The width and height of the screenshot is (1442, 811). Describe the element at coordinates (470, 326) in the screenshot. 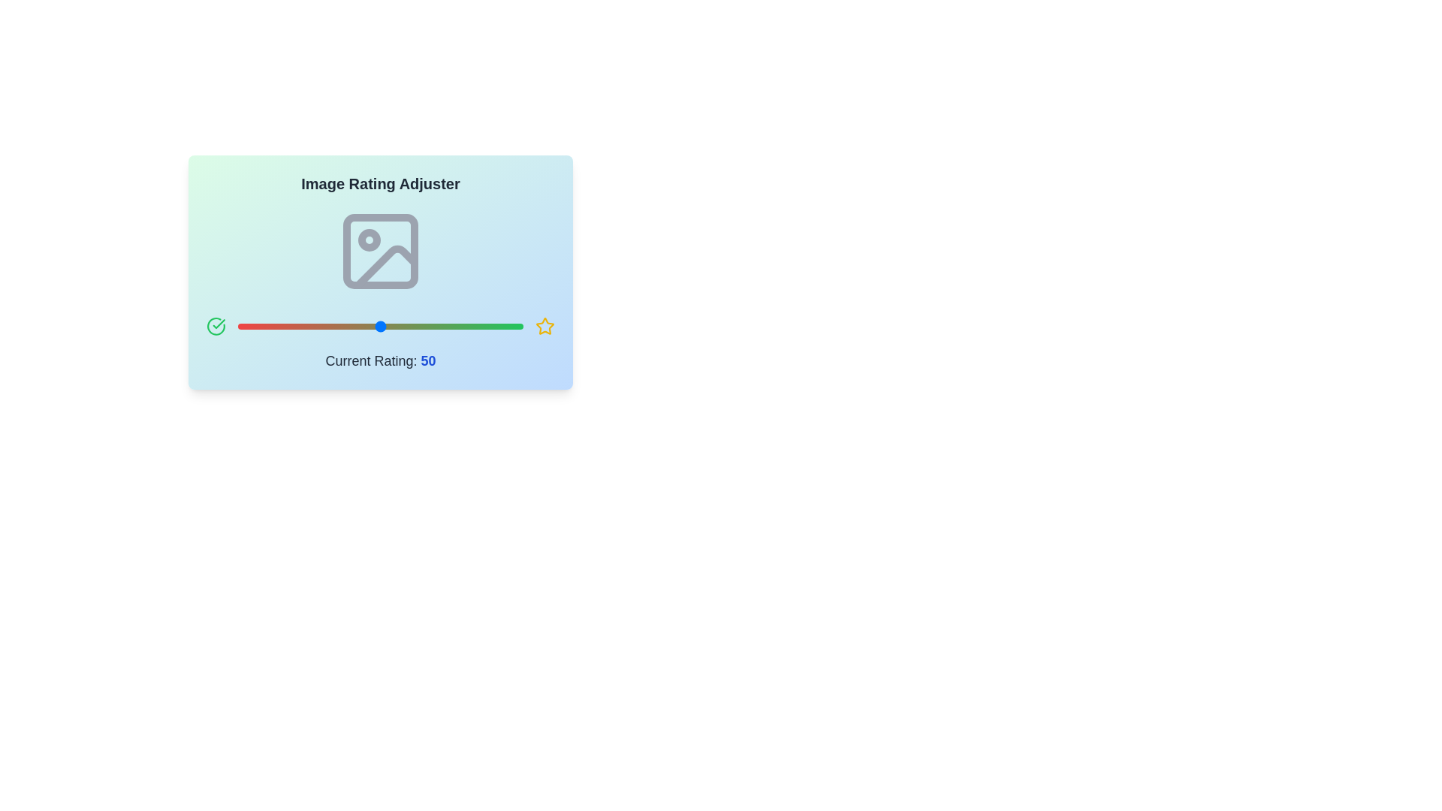

I see `the slider to set the rating to 82` at that location.